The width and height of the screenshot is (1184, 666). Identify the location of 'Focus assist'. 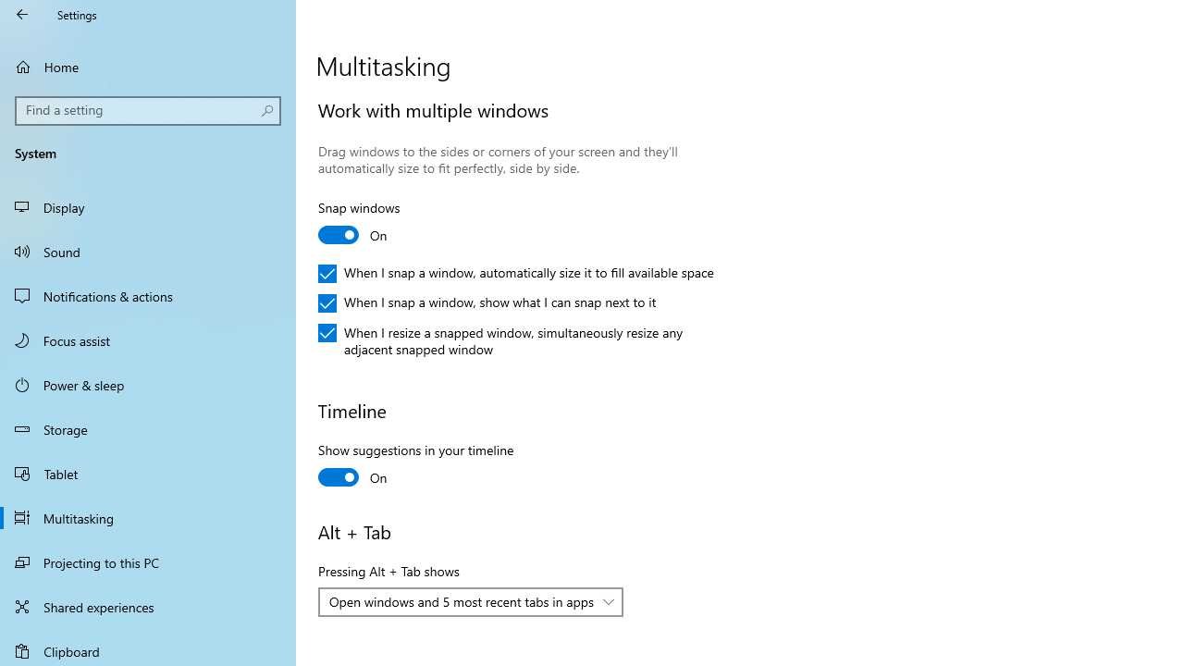
(148, 339).